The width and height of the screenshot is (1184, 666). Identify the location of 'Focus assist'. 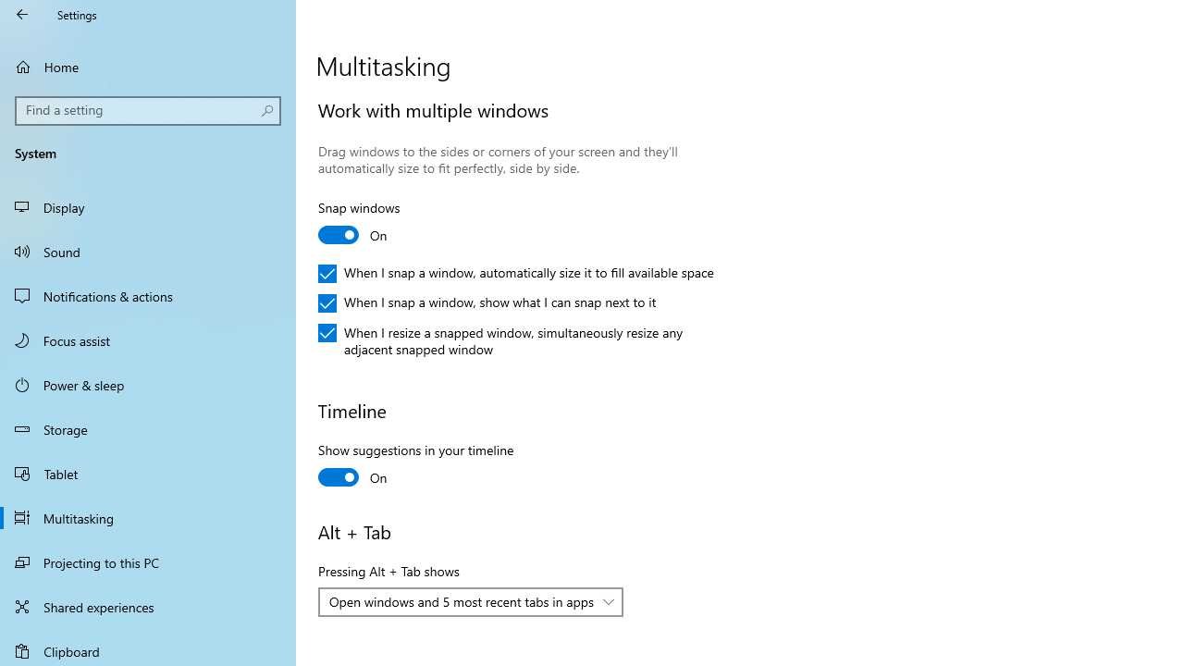
(148, 339).